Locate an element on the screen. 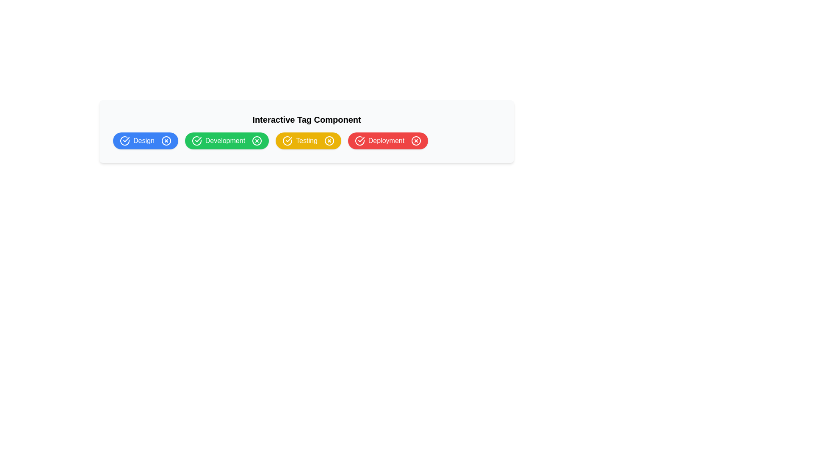  the 'Testing' text label which indicates the status or category and is centrally located among tag-like buttons is located at coordinates (306, 140).